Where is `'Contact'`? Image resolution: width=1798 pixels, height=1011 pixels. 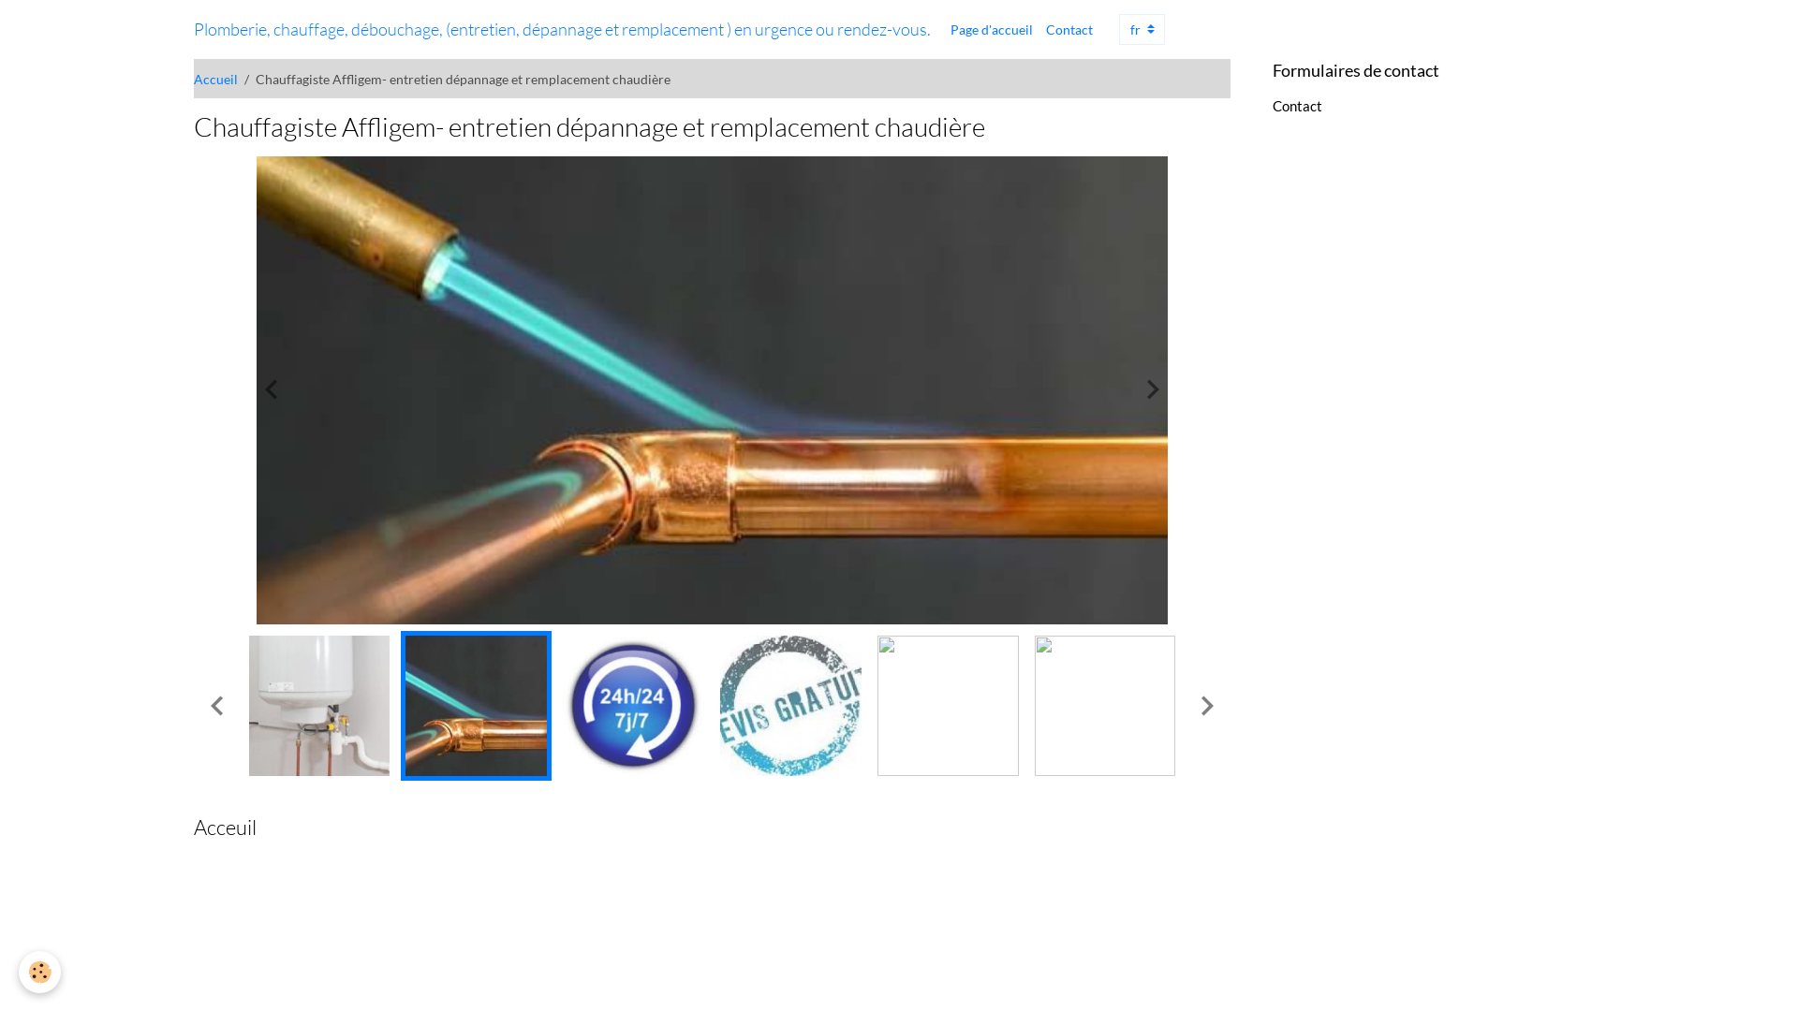
'Contact' is located at coordinates (1296, 105).